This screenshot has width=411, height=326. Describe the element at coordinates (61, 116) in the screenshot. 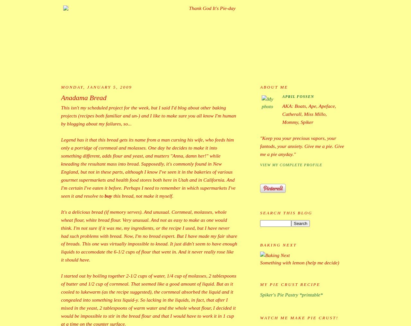

I see `'This isn't my scheduled project for the week, but I said I'd blog about other baking projects (recipes both familiar and un-) and I like to make sure you all know I'm human by blogging about my failures, so...'` at that location.